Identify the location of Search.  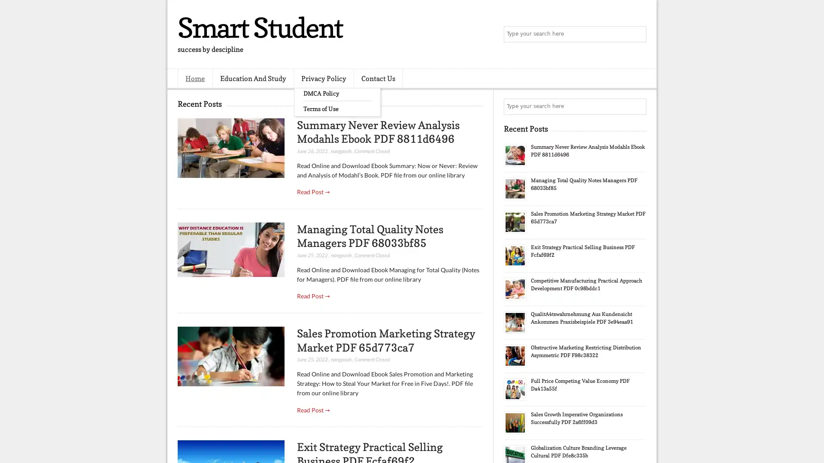
(637, 34).